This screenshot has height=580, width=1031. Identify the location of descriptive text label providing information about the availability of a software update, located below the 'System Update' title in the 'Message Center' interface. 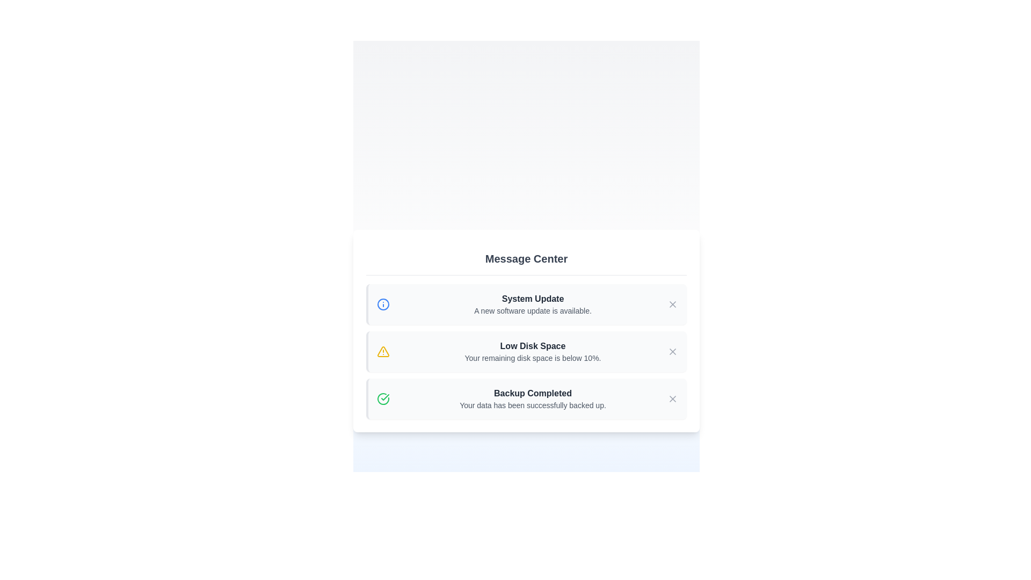
(533, 310).